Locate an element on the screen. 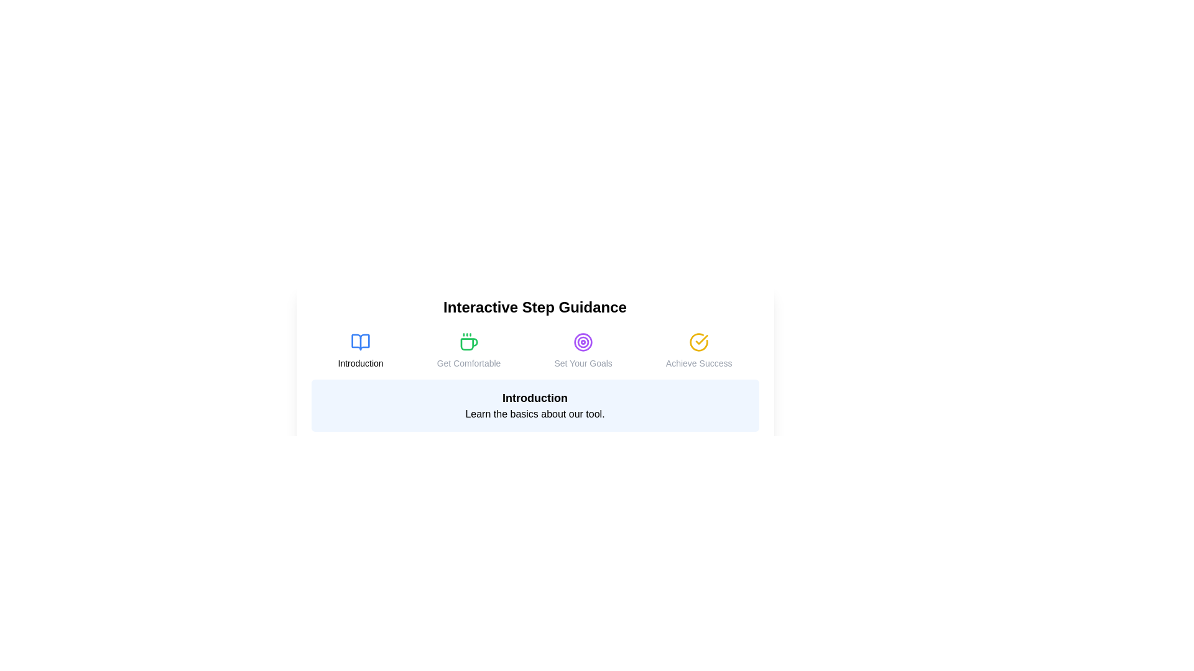  the 'Achieve Success' label with icon, which indicates a step in a multi-step process, located at the fourth position in a horizontally aligned group in the top-right section is located at coordinates (699, 350).